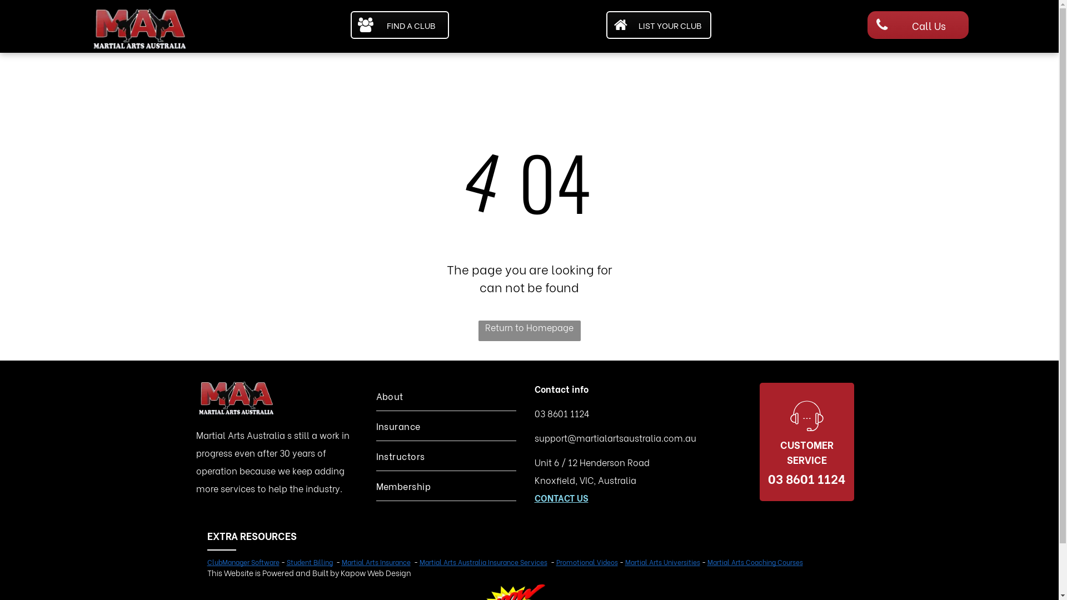 The image size is (1067, 600). What do you see at coordinates (242, 562) in the screenshot?
I see `'ClubManager Software'` at bounding box center [242, 562].